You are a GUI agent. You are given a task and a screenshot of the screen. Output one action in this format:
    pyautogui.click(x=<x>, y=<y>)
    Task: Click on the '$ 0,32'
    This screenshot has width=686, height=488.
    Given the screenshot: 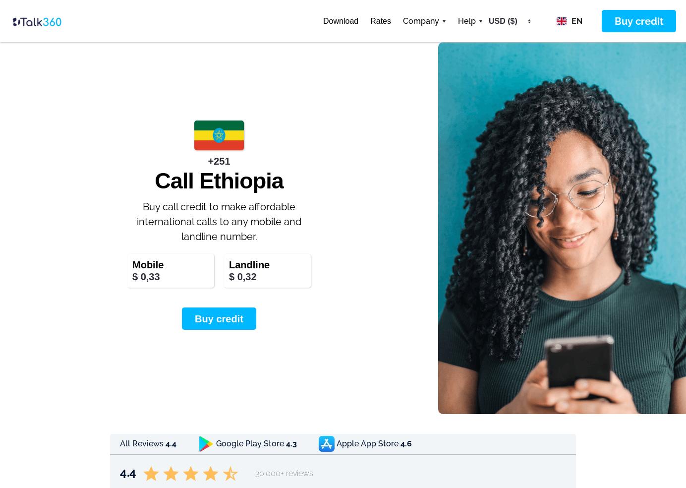 What is the action you would take?
    pyautogui.click(x=242, y=276)
    